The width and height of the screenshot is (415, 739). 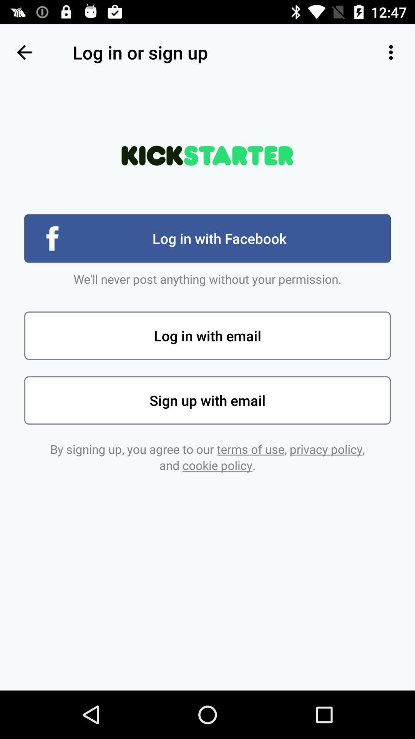 I want to click on icon next to log in or item, so click(x=391, y=52).